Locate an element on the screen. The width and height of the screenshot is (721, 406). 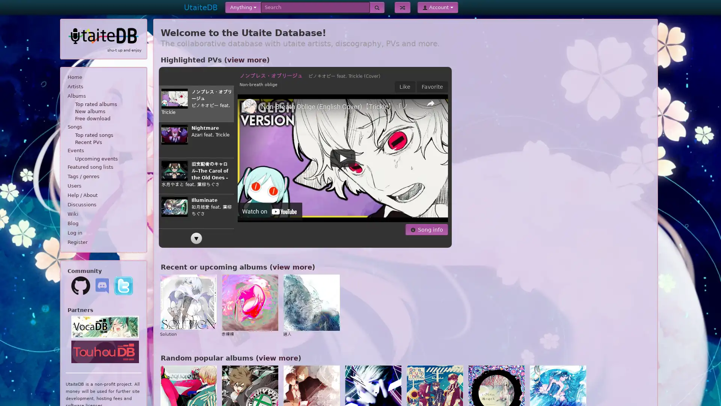
Blog is located at coordinates (103, 223).